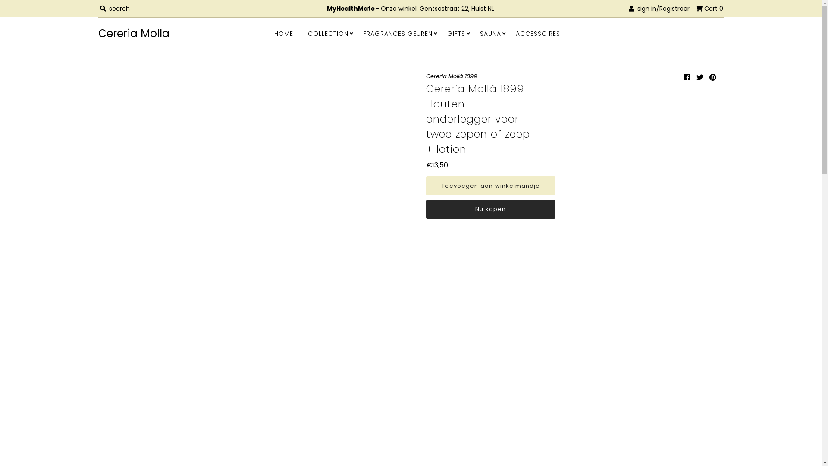  What do you see at coordinates (161, 33) in the screenshot?
I see `'Cereria Molla'` at bounding box center [161, 33].